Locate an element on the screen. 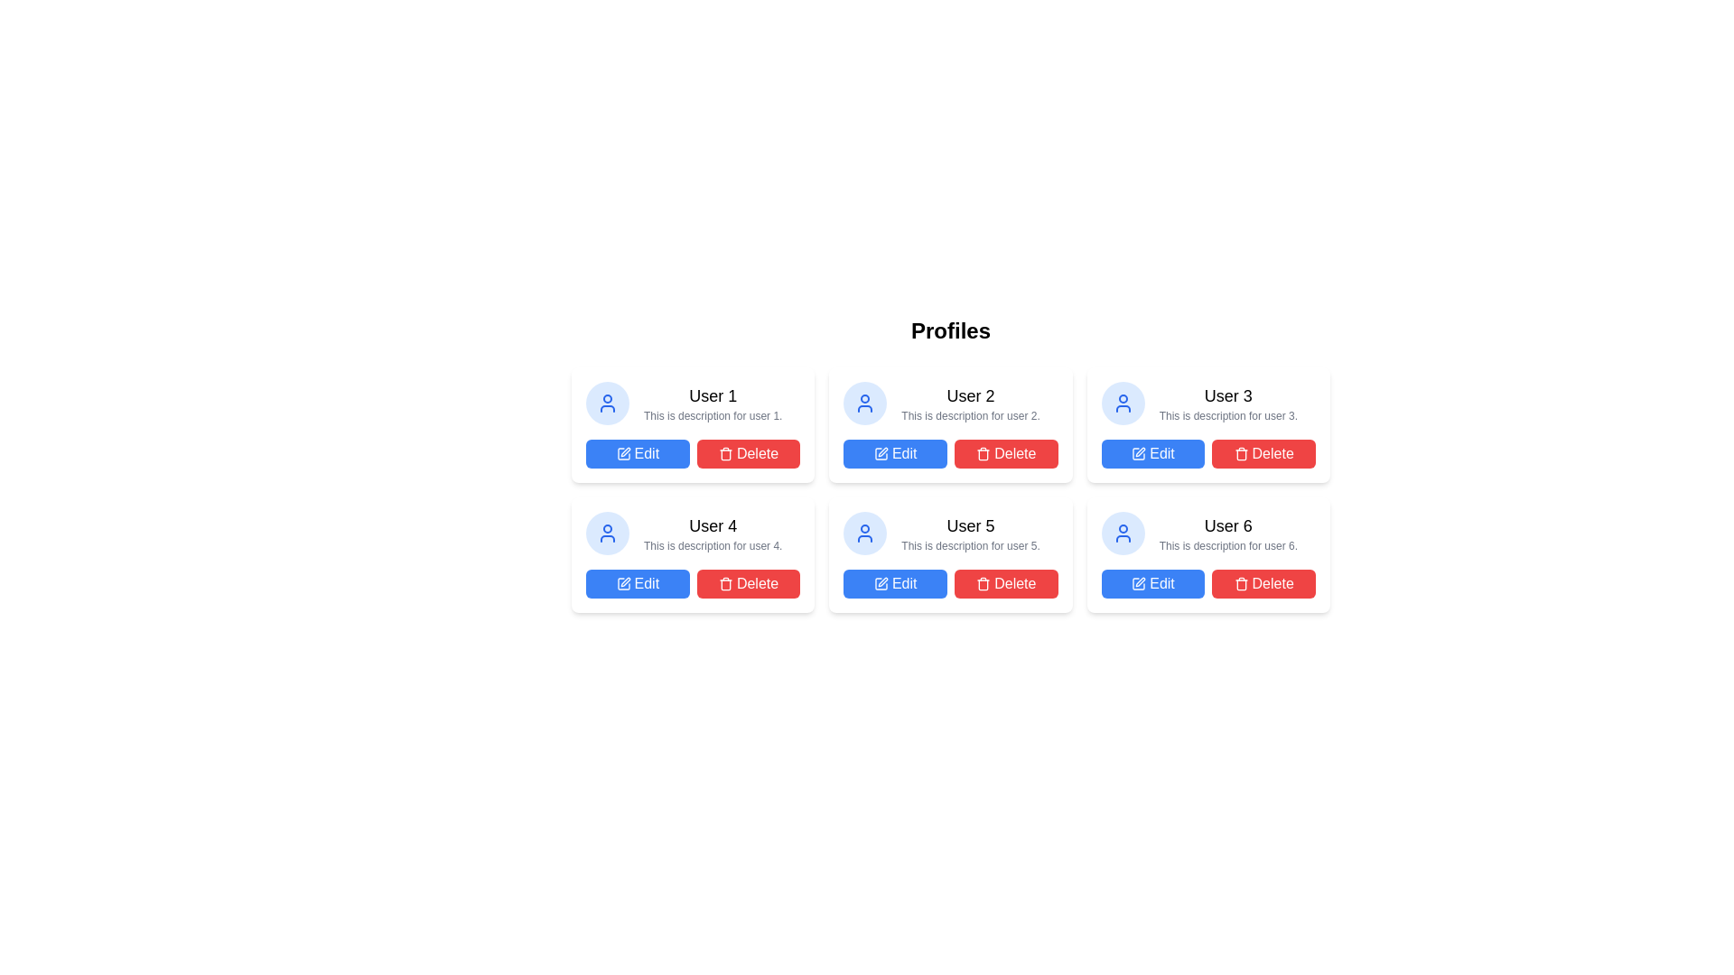  the text label displaying 'User 5' which is positioned above the description text in the user profile card located in the second row, third column of the grid is located at coordinates (970, 525).